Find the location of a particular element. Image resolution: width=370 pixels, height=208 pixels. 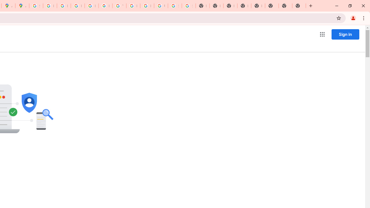

'New Tab' is located at coordinates (285, 6).